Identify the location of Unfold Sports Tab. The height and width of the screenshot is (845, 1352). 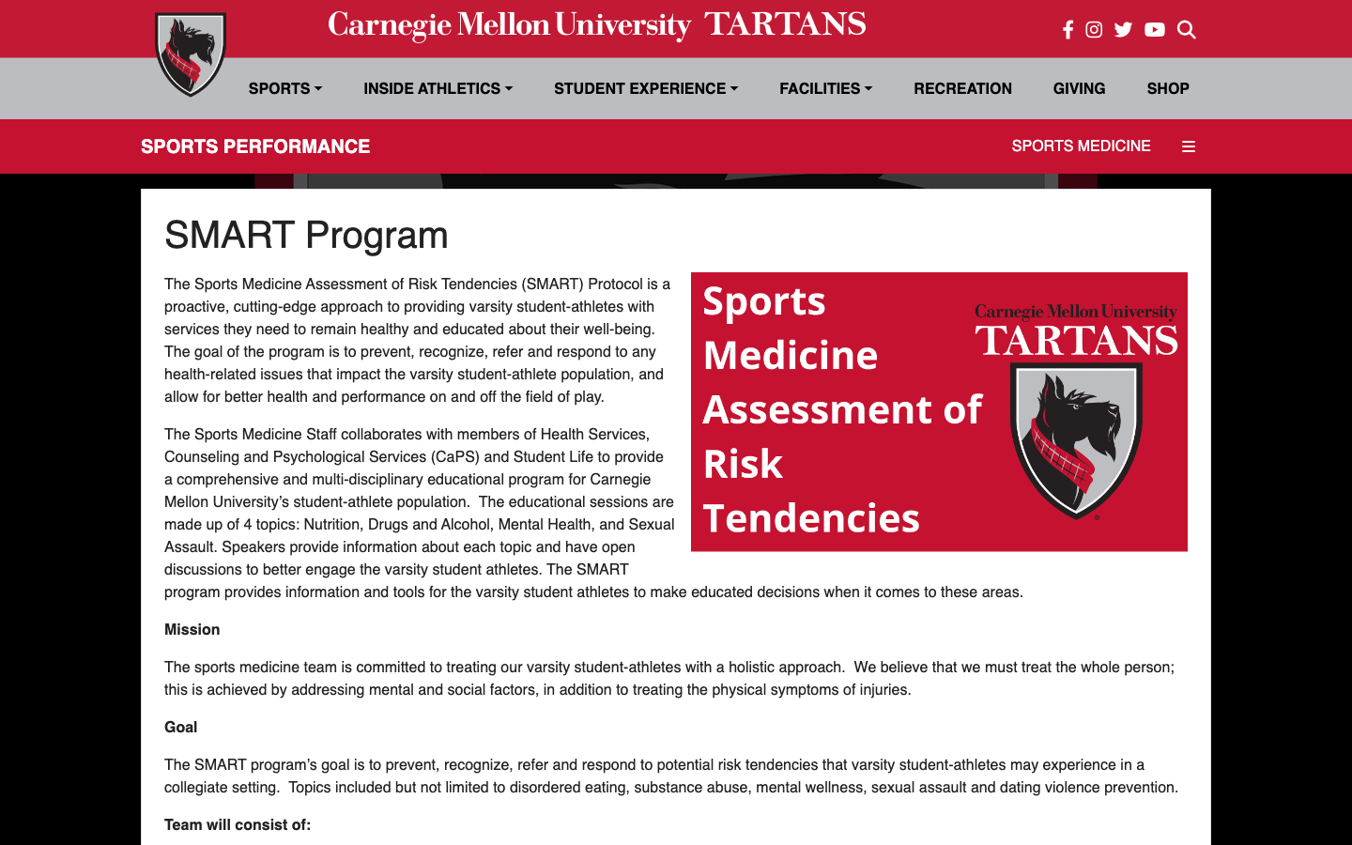
(285, 87).